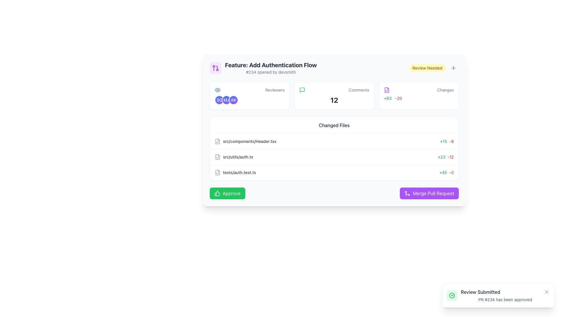 The image size is (564, 317). What do you see at coordinates (453, 68) in the screenshot?
I see `the 'add' or 'create new' icon button located on the top-right region of the panel, adjacent to the 'Review Needed' yellow tag` at bounding box center [453, 68].